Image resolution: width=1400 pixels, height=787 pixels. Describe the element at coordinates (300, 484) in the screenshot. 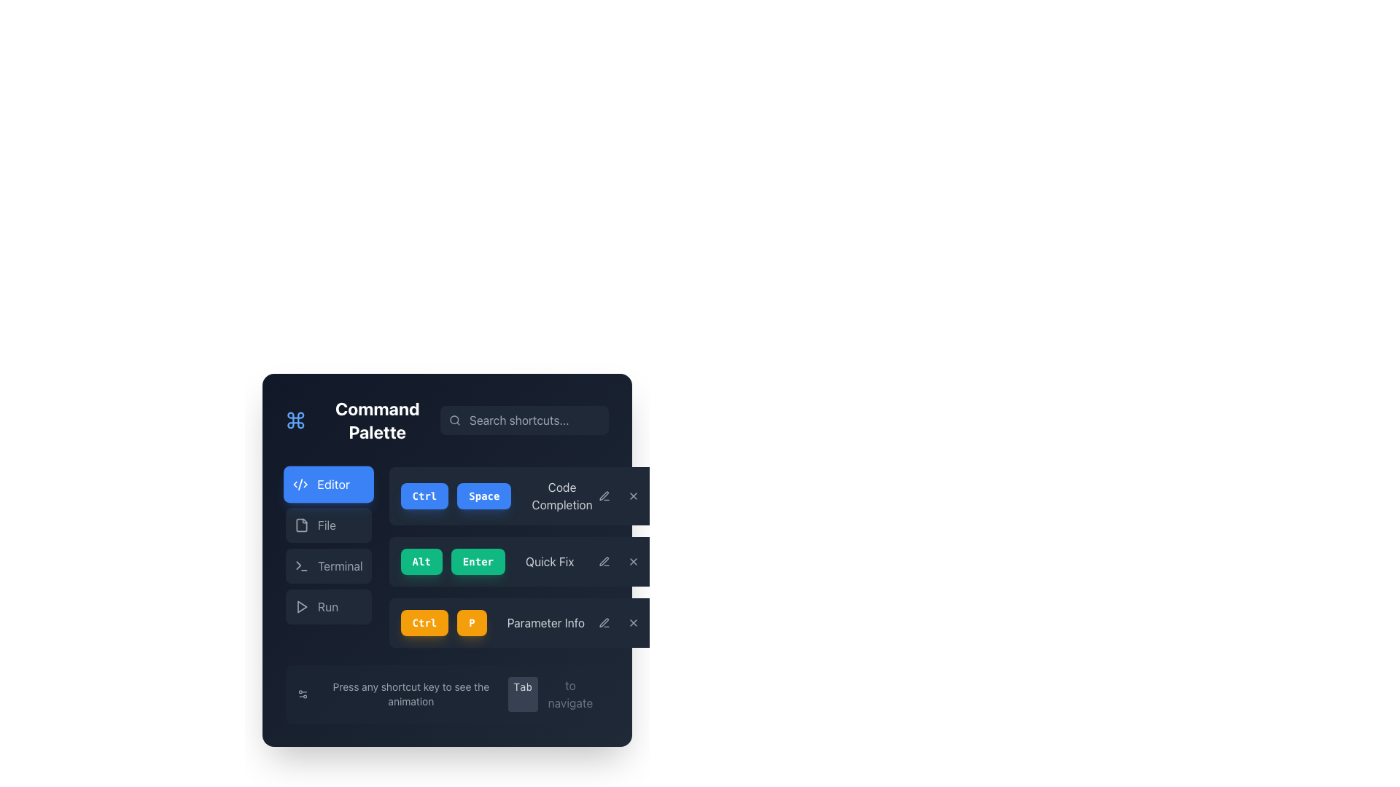

I see `the icon representing the software development editor located to the left of the 'Editor' text label in the command palette` at that location.